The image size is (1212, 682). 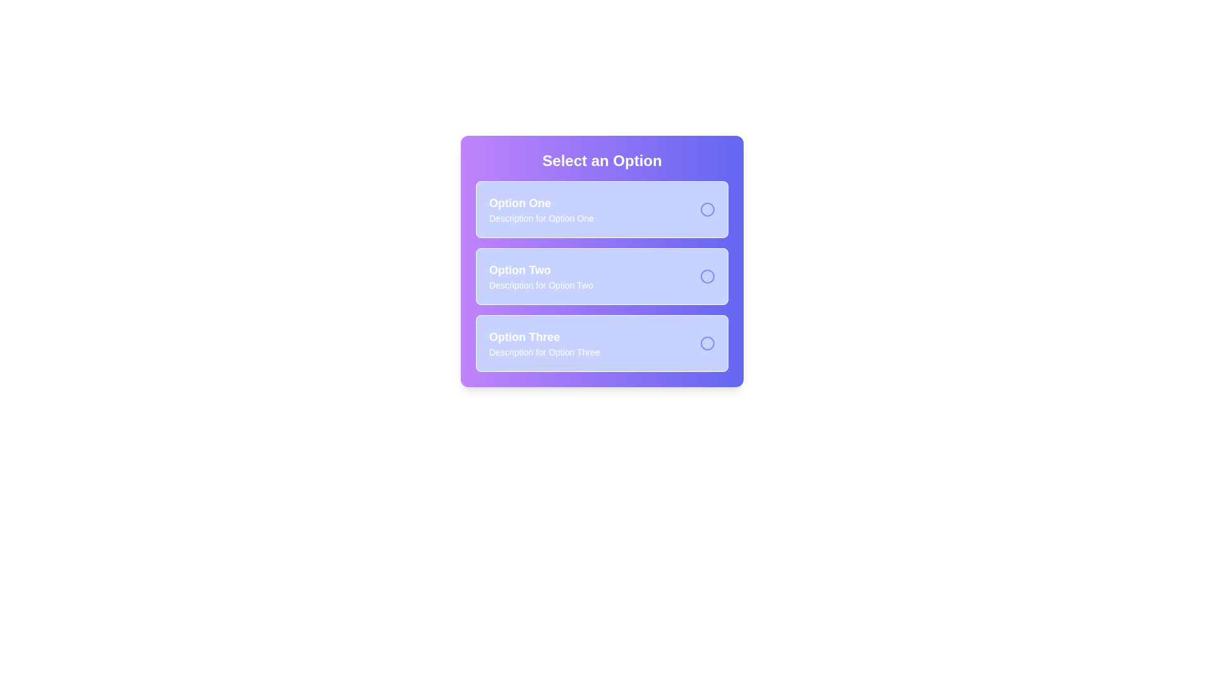 I want to click on the Text Label that identifies the current option as 'Option Two' in the second entry of the vertically aligned selection list, so click(x=541, y=270).